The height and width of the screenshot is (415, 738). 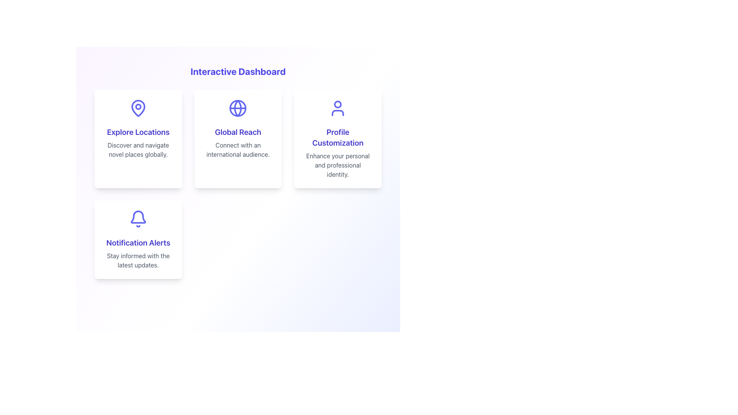 I want to click on the title text within the second card of the 2x2 grid layout on the dashboard, which summarizes the primary concept of reaching a global audience, so click(x=238, y=131).